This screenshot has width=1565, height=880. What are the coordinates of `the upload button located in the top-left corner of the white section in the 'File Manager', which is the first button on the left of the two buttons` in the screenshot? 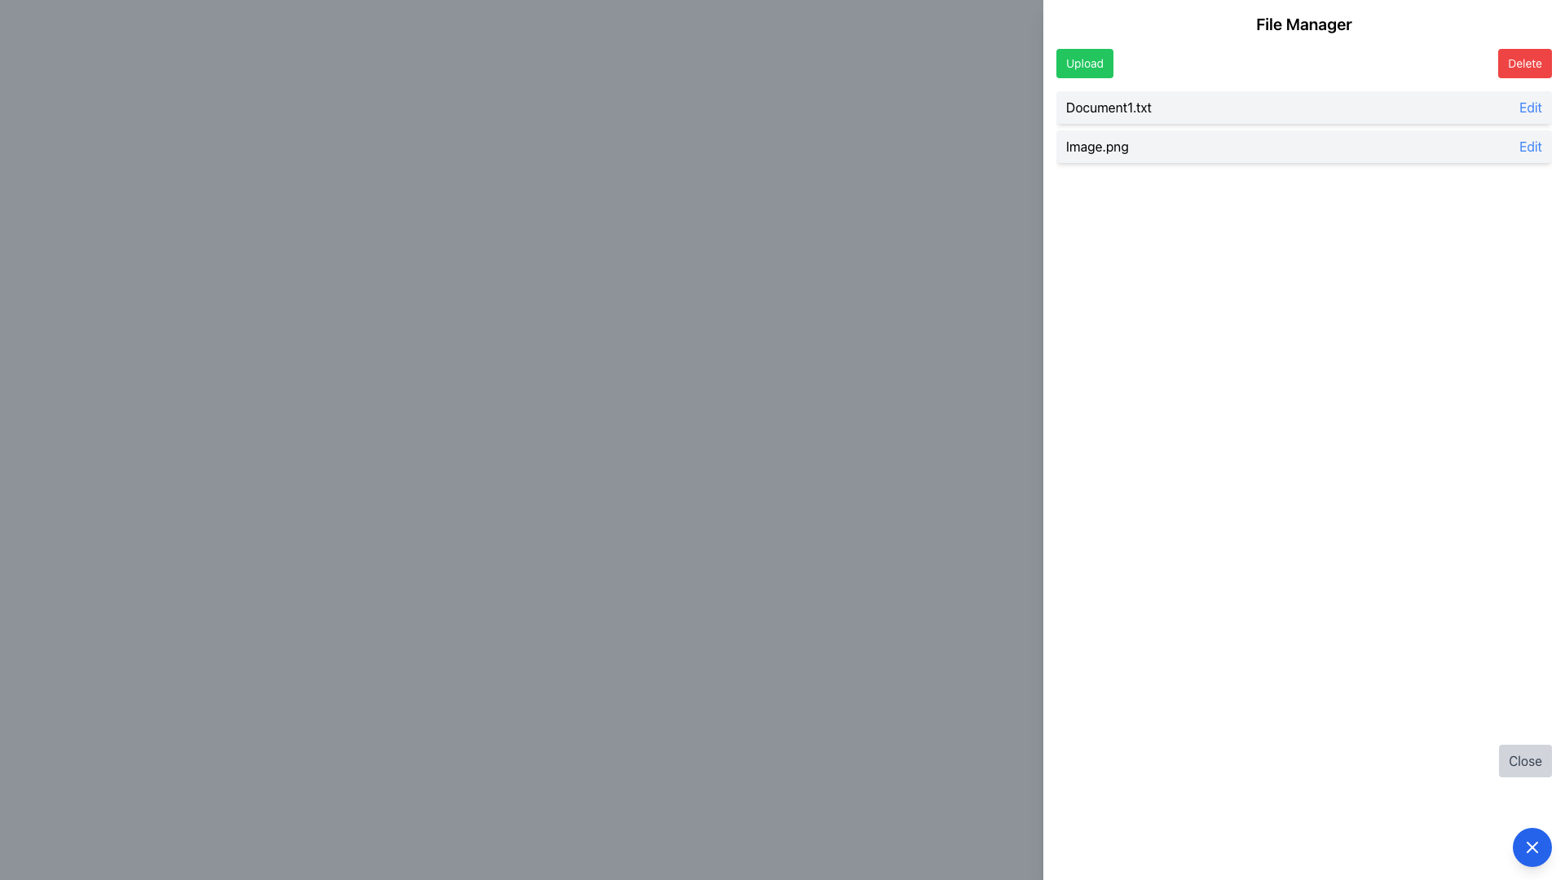 It's located at (1085, 62).